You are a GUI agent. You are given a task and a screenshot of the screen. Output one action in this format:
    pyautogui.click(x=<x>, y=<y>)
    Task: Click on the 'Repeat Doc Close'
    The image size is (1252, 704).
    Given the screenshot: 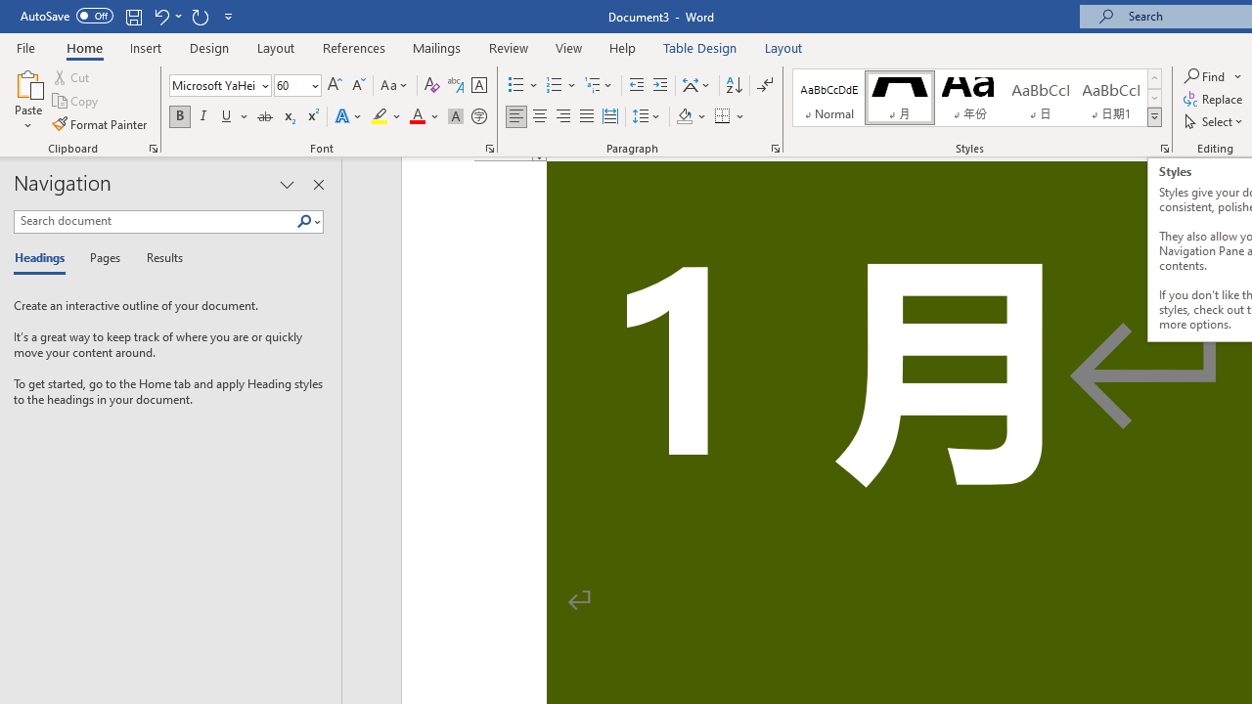 What is the action you would take?
    pyautogui.click(x=200, y=16)
    